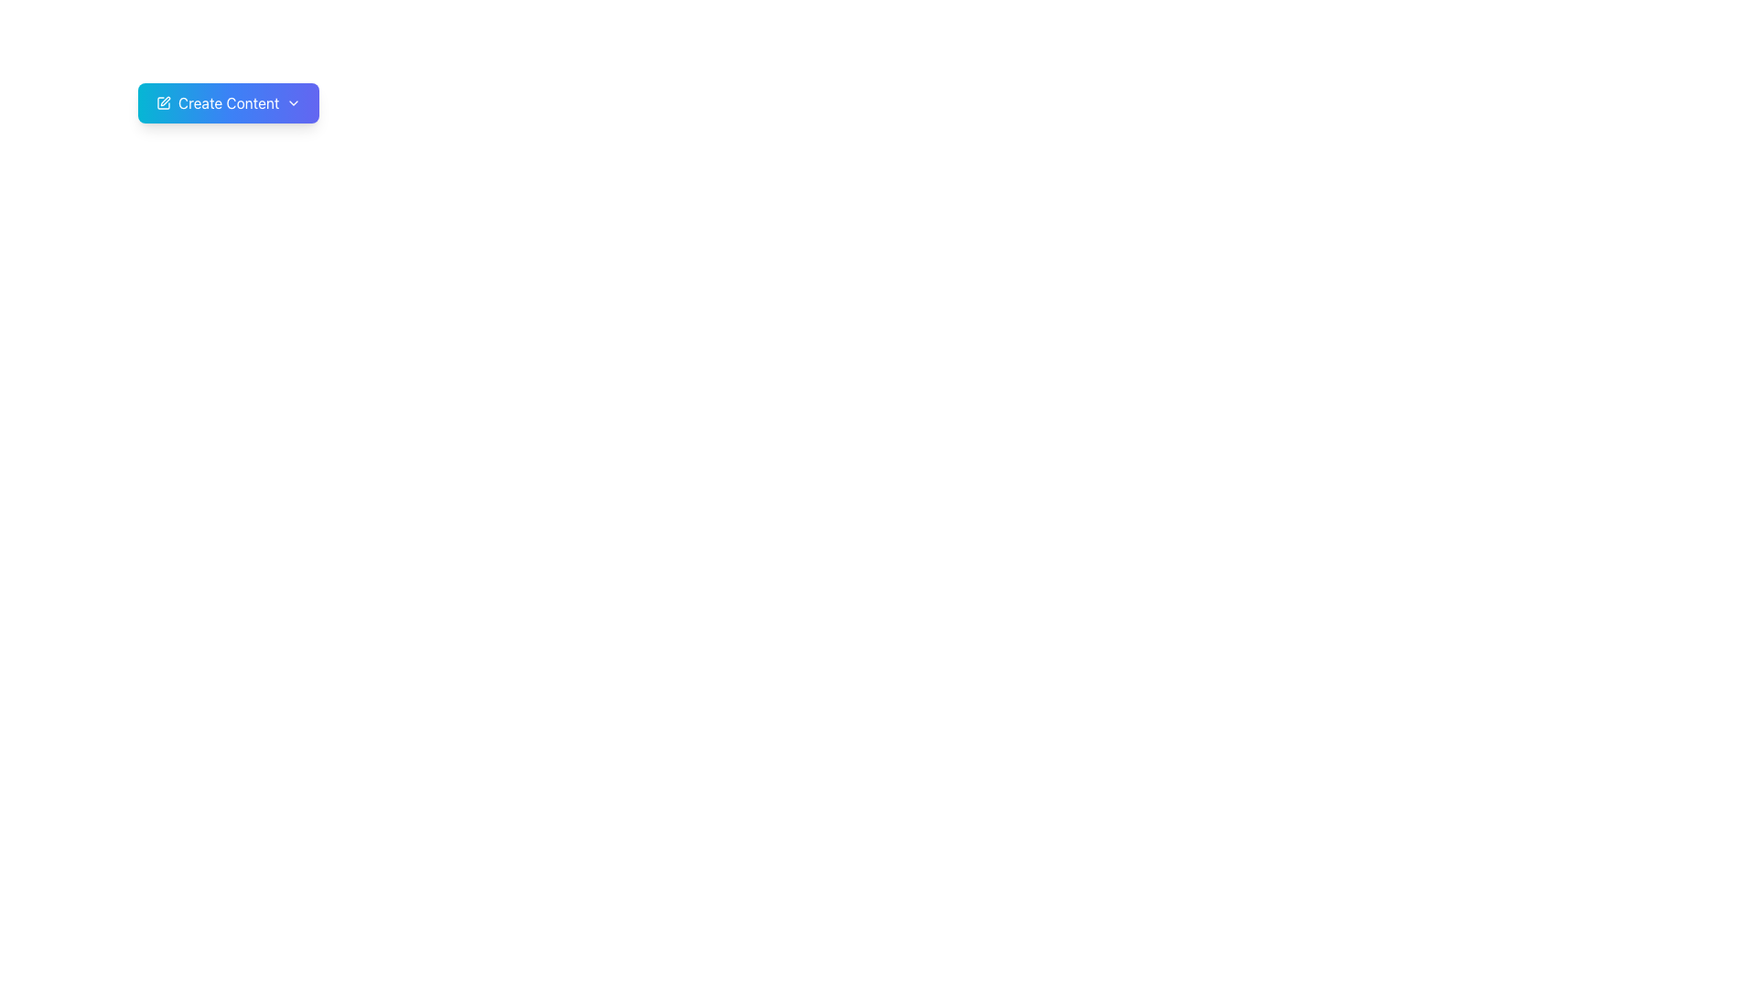  What do you see at coordinates (228, 102) in the screenshot?
I see `the static text component labeled 'Create Content' which indicates the button's functionality for creating content` at bounding box center [228, 102].